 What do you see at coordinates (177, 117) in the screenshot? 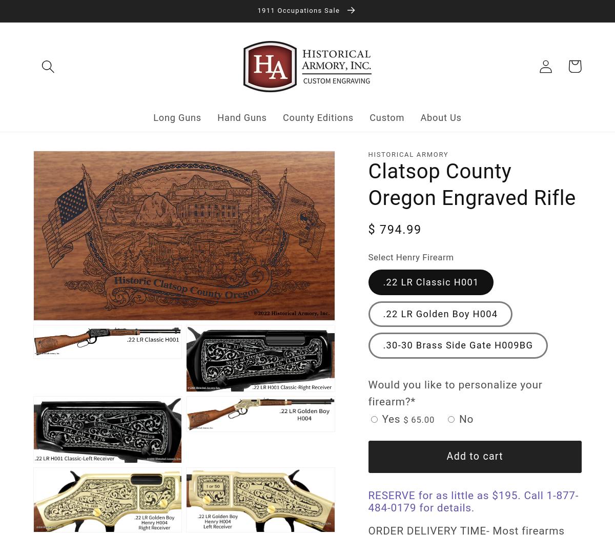
I see `'Long Guns'` at bounding box center [177, 117].